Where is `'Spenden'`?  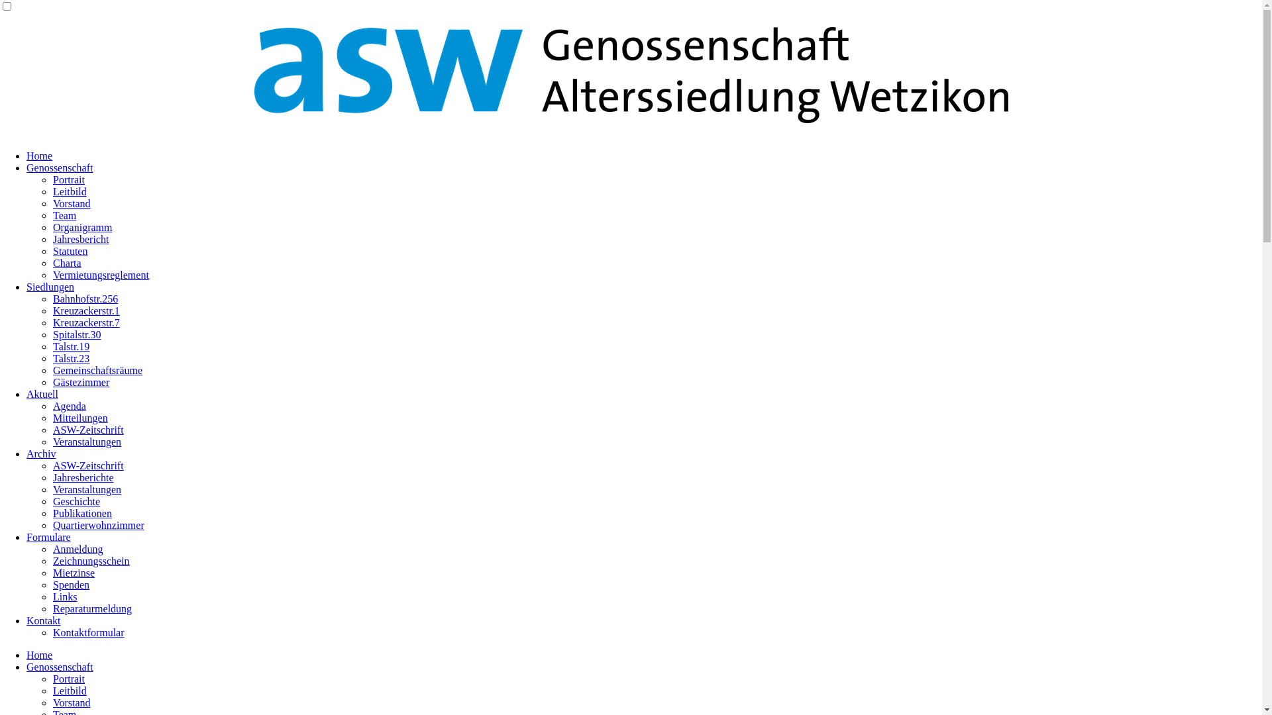
'Spenden' is located at coordinates (70, 584).